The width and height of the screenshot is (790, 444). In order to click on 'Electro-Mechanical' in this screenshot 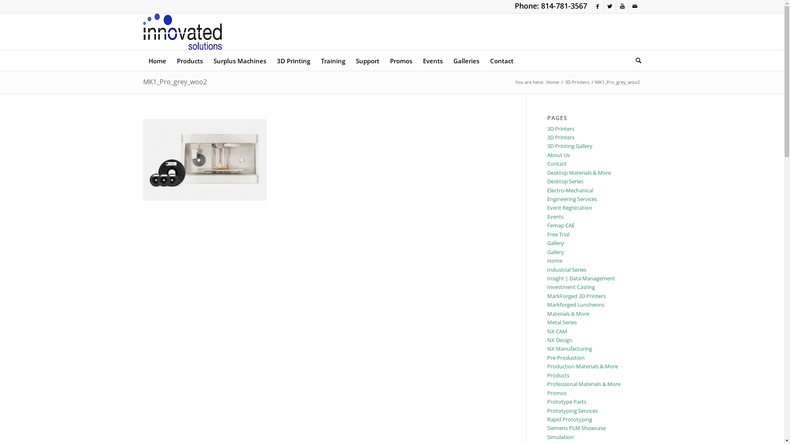, I will do `click(547, 190)`.